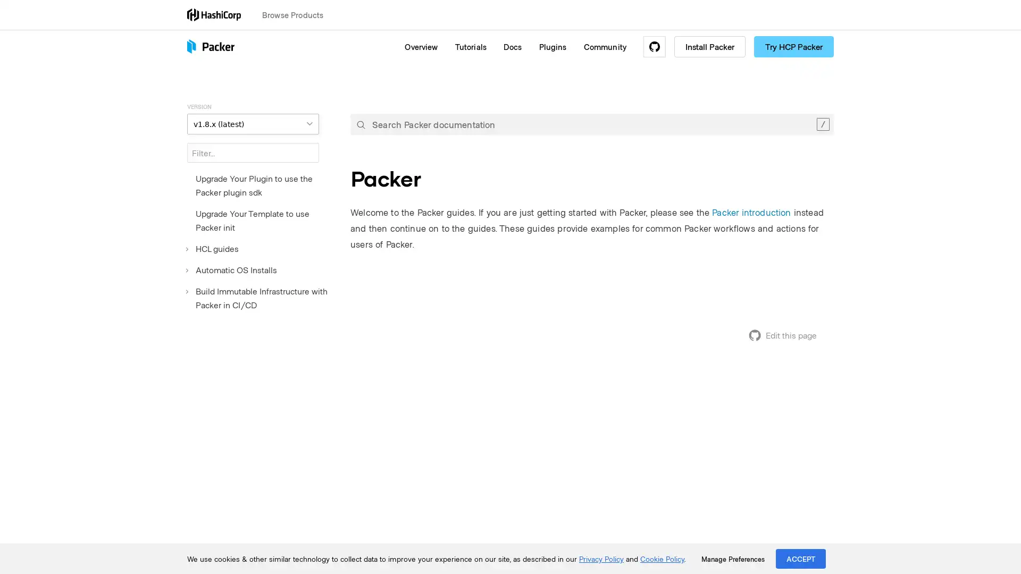  I want to click on Automatic OS Installs, so click(231, 269).